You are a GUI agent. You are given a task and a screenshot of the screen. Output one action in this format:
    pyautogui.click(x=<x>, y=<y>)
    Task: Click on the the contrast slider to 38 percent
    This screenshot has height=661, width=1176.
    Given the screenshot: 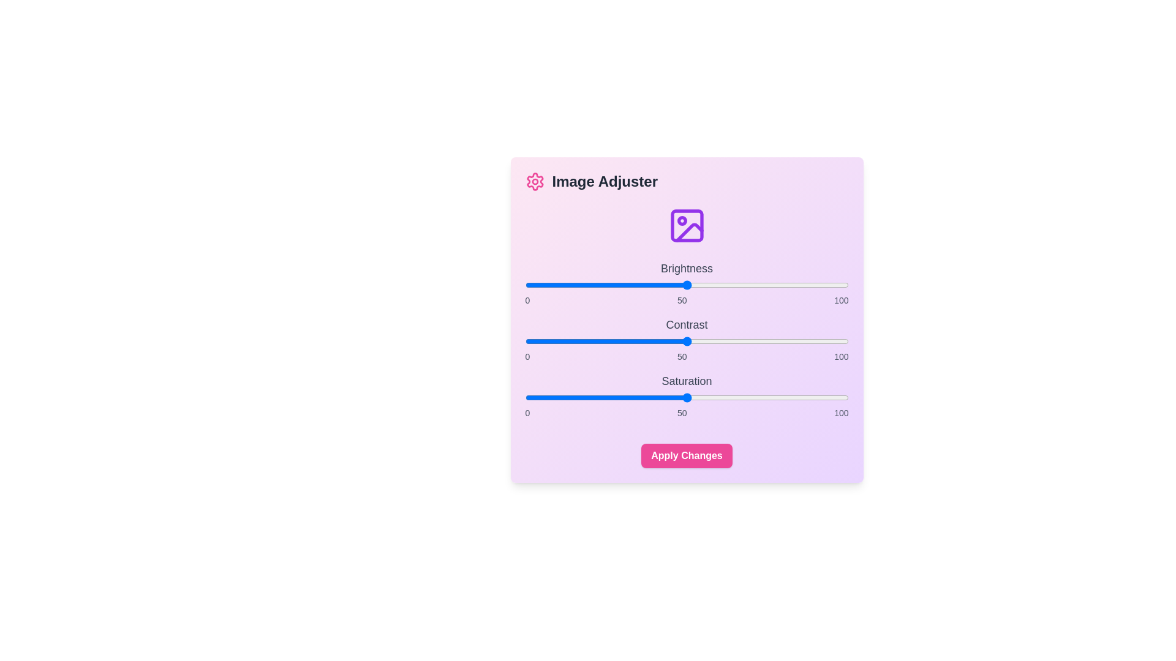 What is the action you would take?
    pyautogui.click(x=647, y=342)
    